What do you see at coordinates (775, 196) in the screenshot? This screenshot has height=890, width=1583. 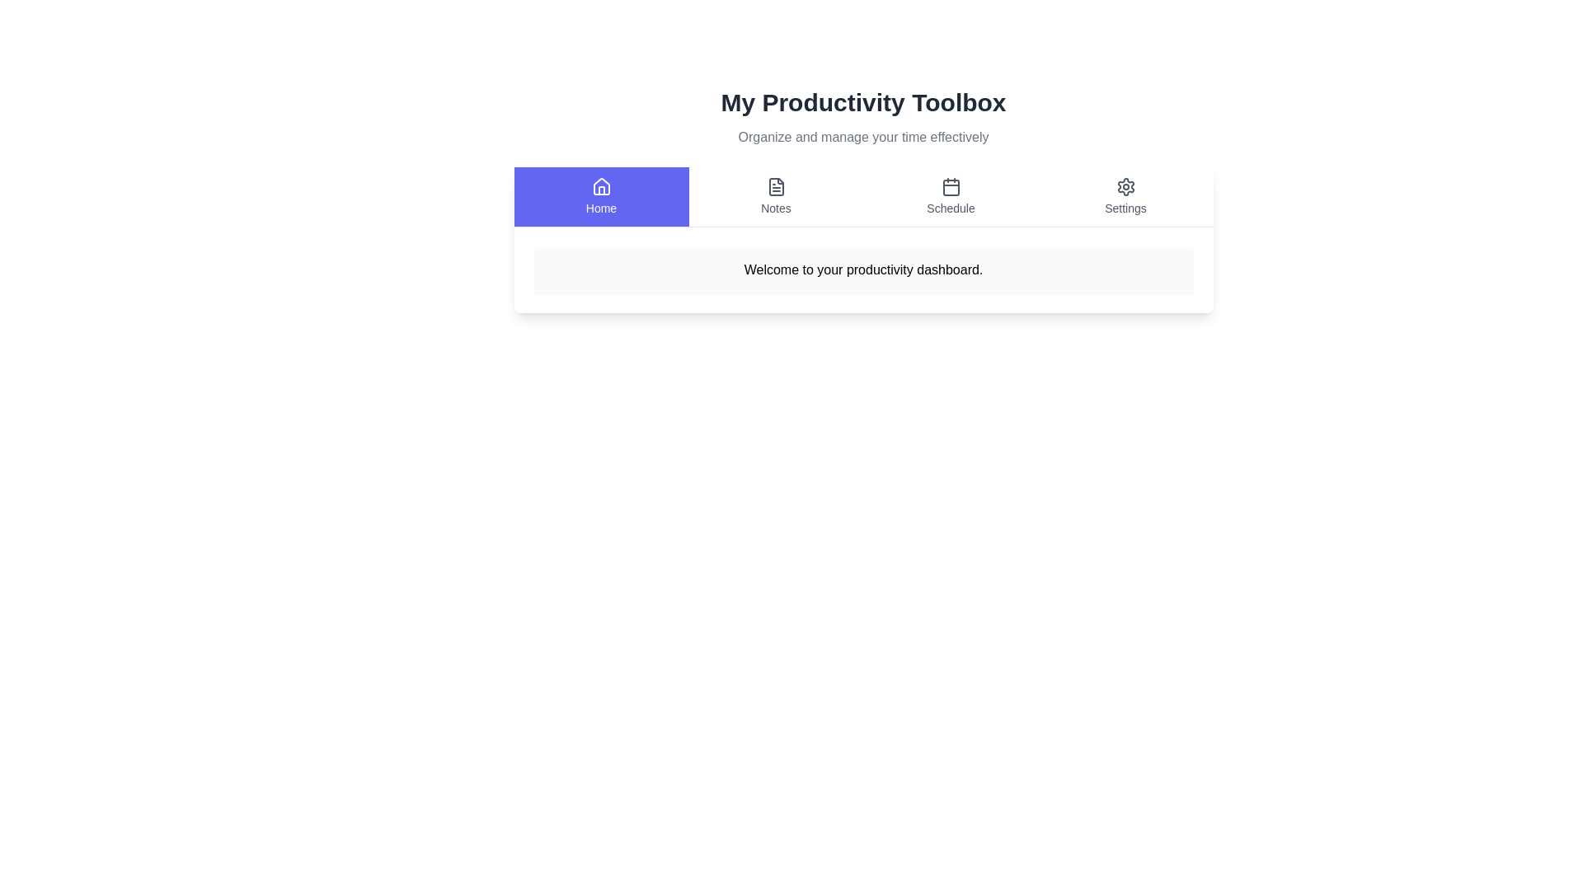 I see `the 'Notes' button located on the navigation bar` at bounding box center [775, 196].